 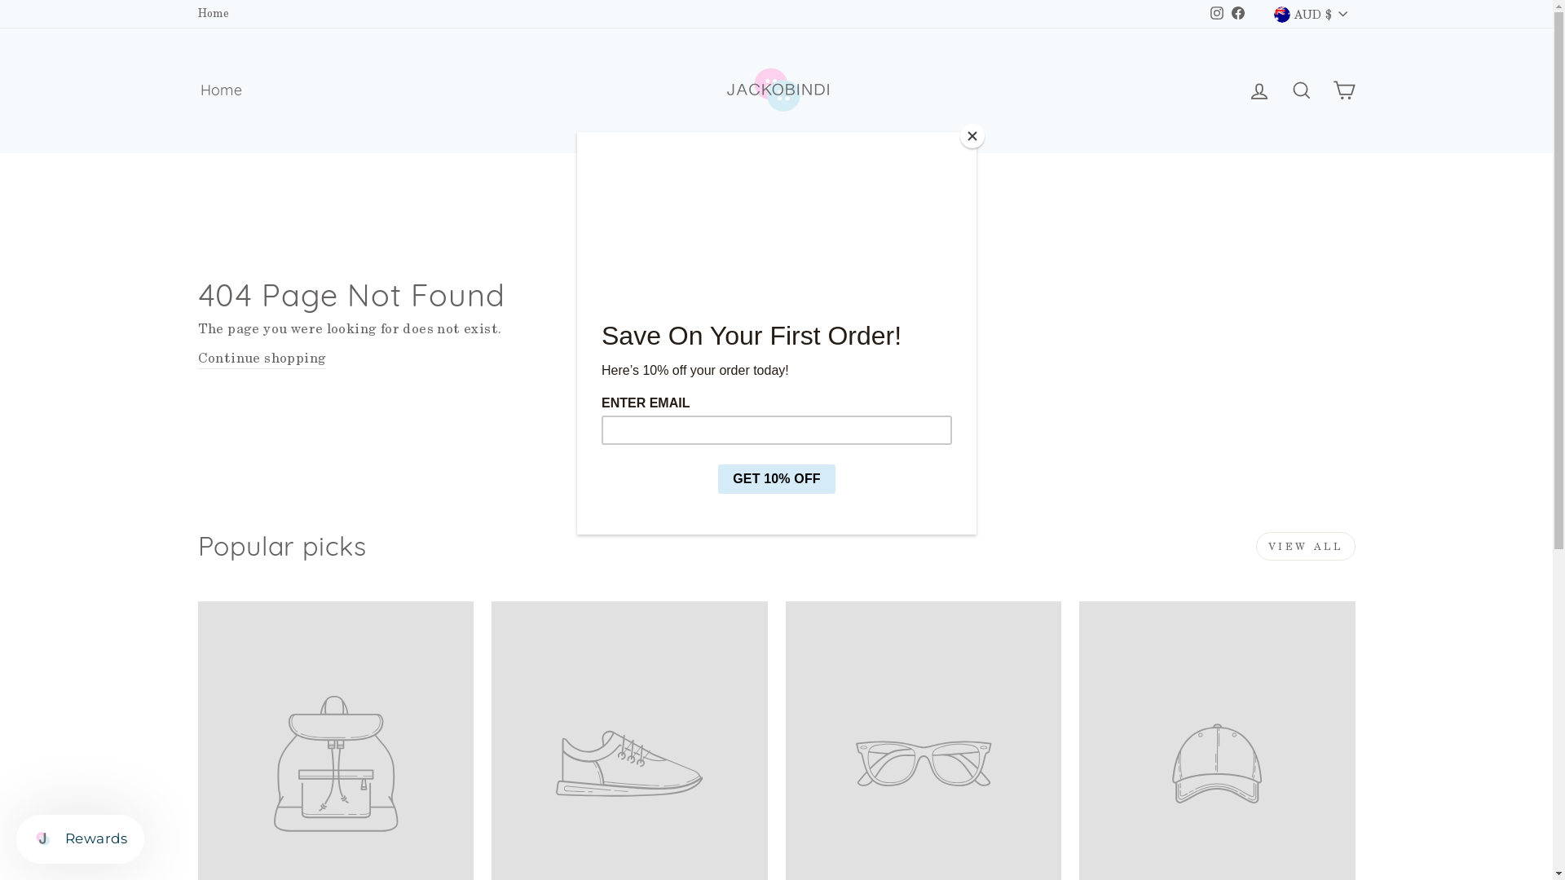 What do you see at coordinates (0, 0) in the screenshot?
I see `'Skip to content'` at bounding box center [0, 0].